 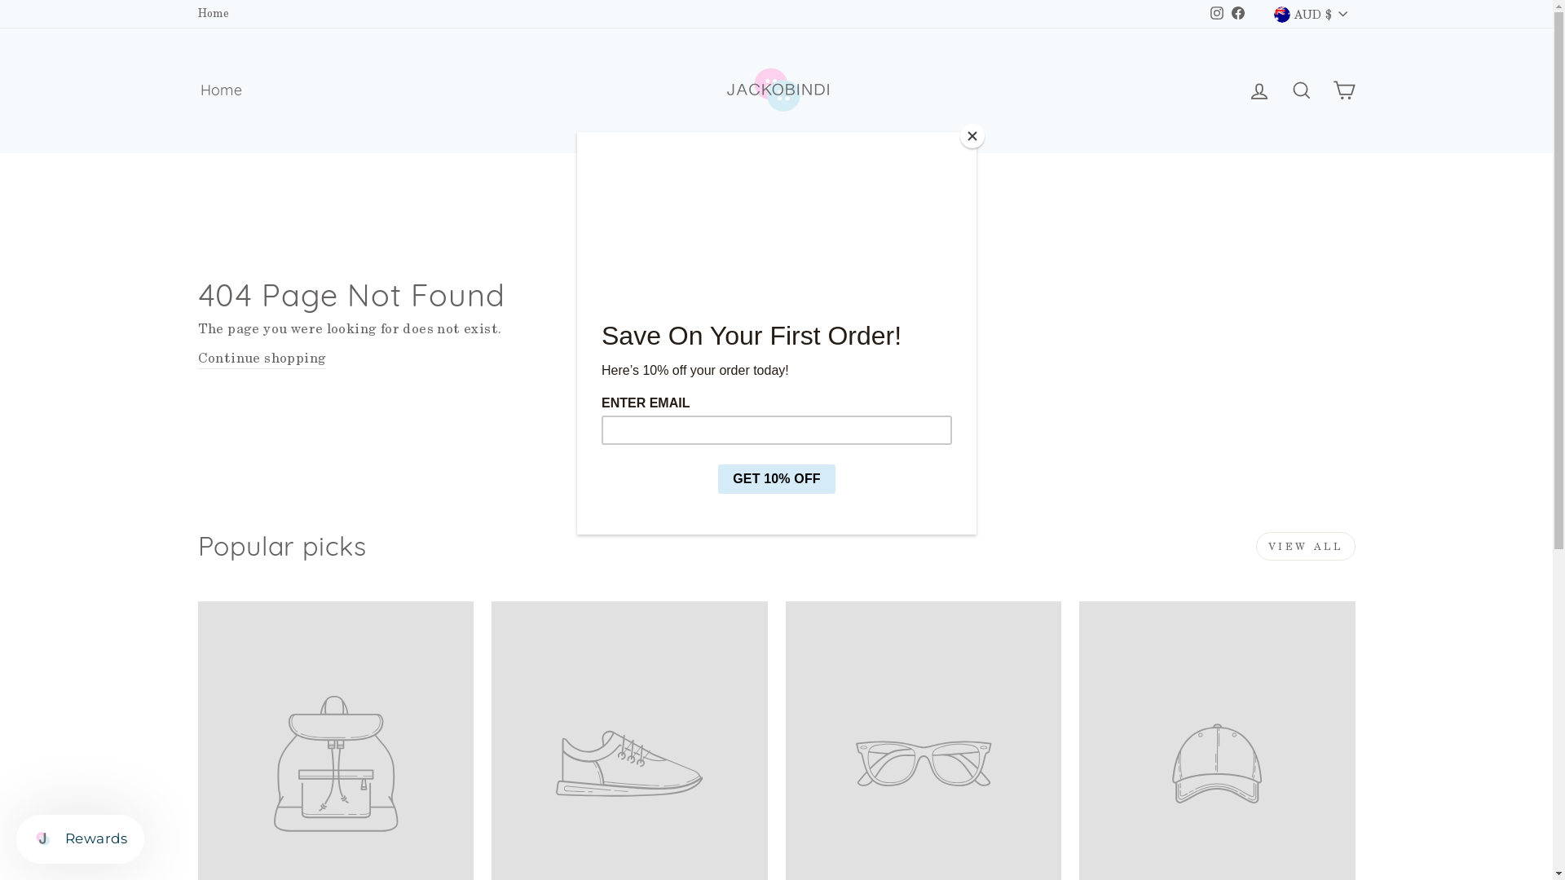 What do you see at coordinates (0, 0) in the screenshot?
I see `'Skip to content'` at bounding box center [0, 0].